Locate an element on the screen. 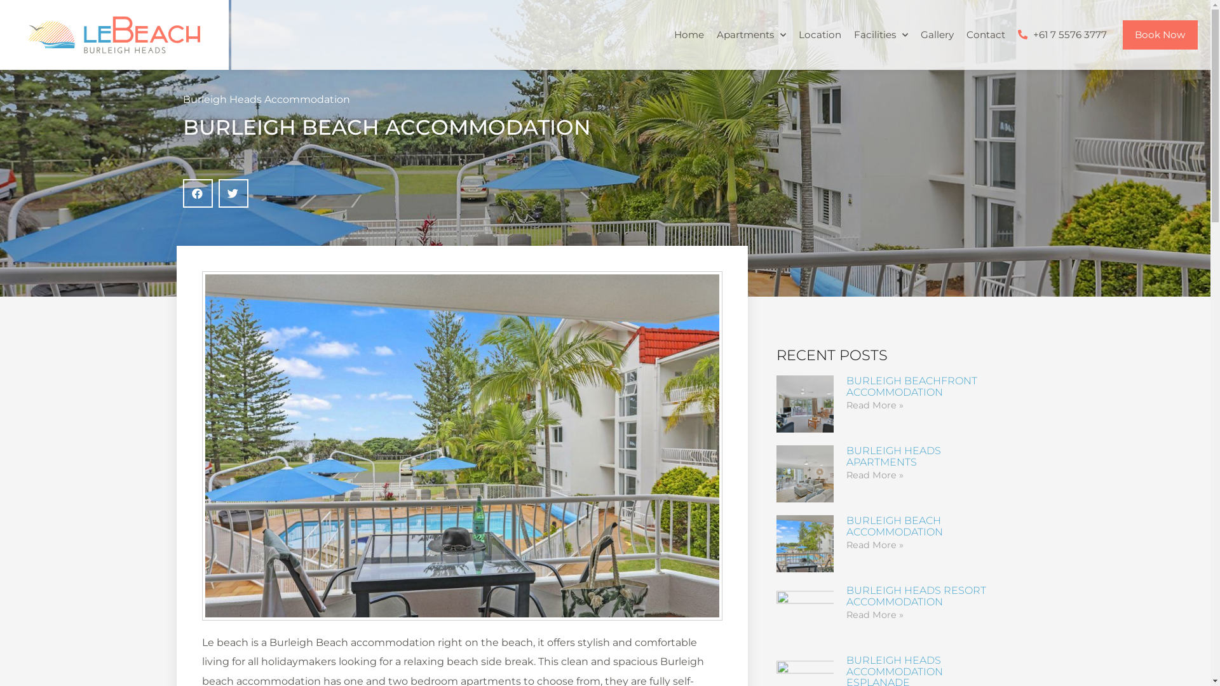 Image resolution: width=1220 pixels, height=686 pixels. 'Apartments' is located at coordinates (710, 34).